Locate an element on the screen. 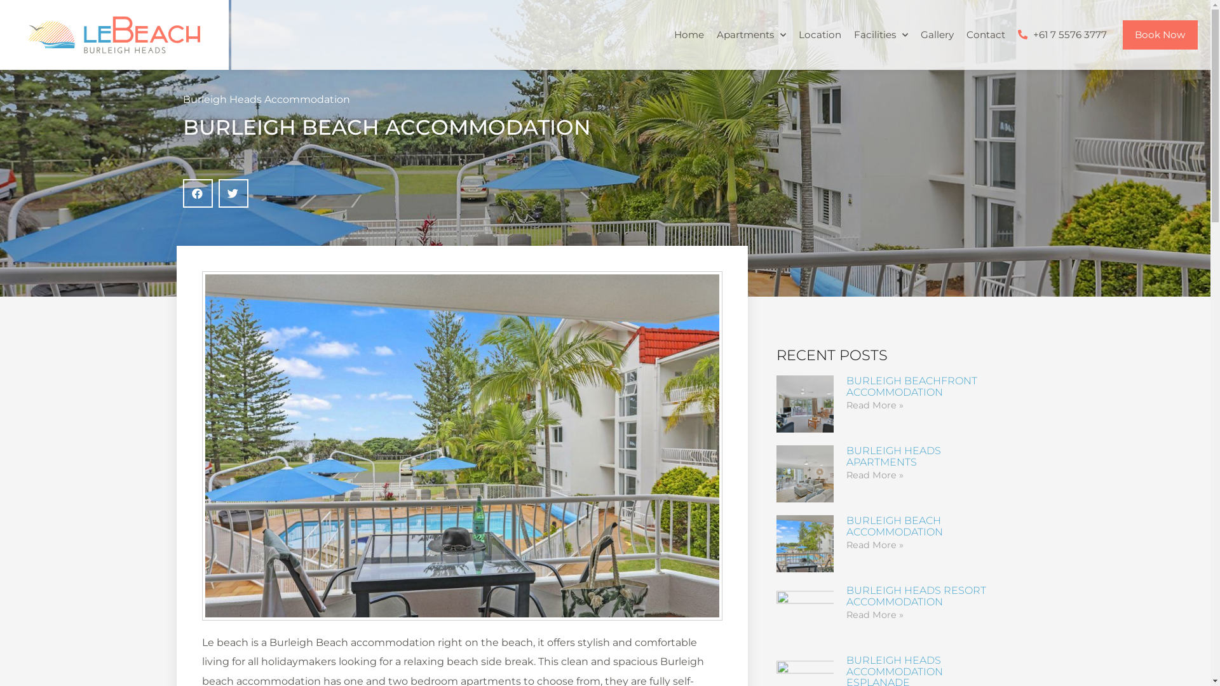 Image resolution: width=1220 pixels, height=686 pixels. 'Apartments' is located at coordinates (710, 34).